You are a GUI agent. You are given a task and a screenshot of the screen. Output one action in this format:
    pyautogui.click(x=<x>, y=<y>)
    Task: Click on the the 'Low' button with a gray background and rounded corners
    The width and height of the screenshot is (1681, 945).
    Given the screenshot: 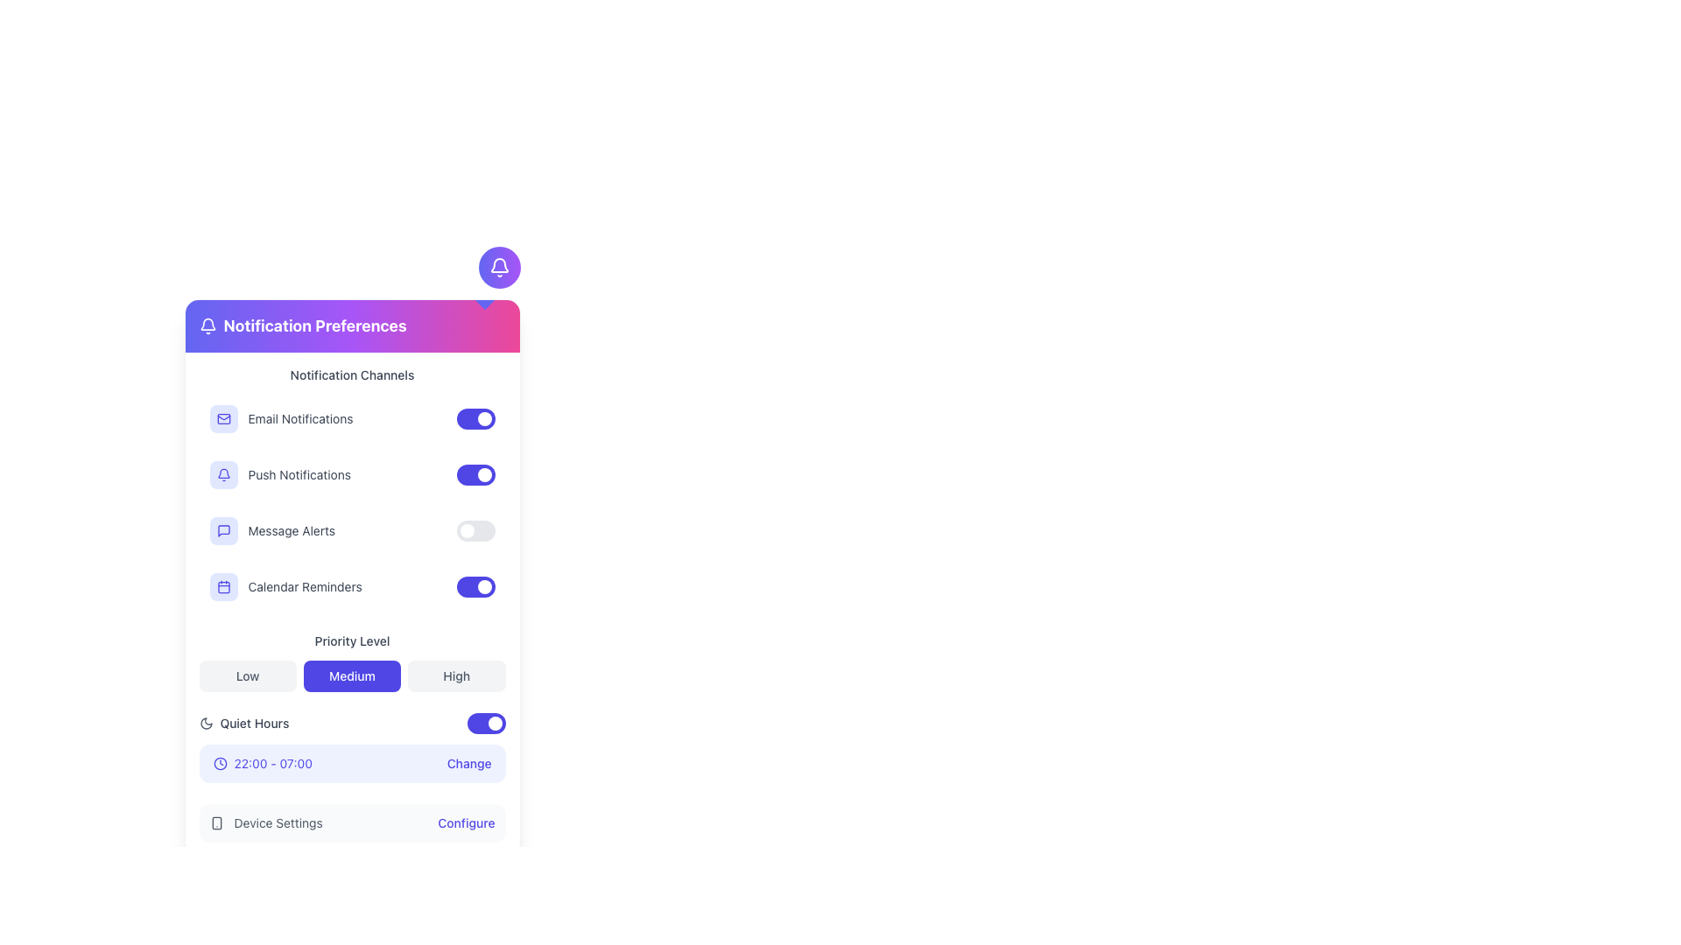 What is the action you would take?
    pyautogui.click(x=247, y=675)
    